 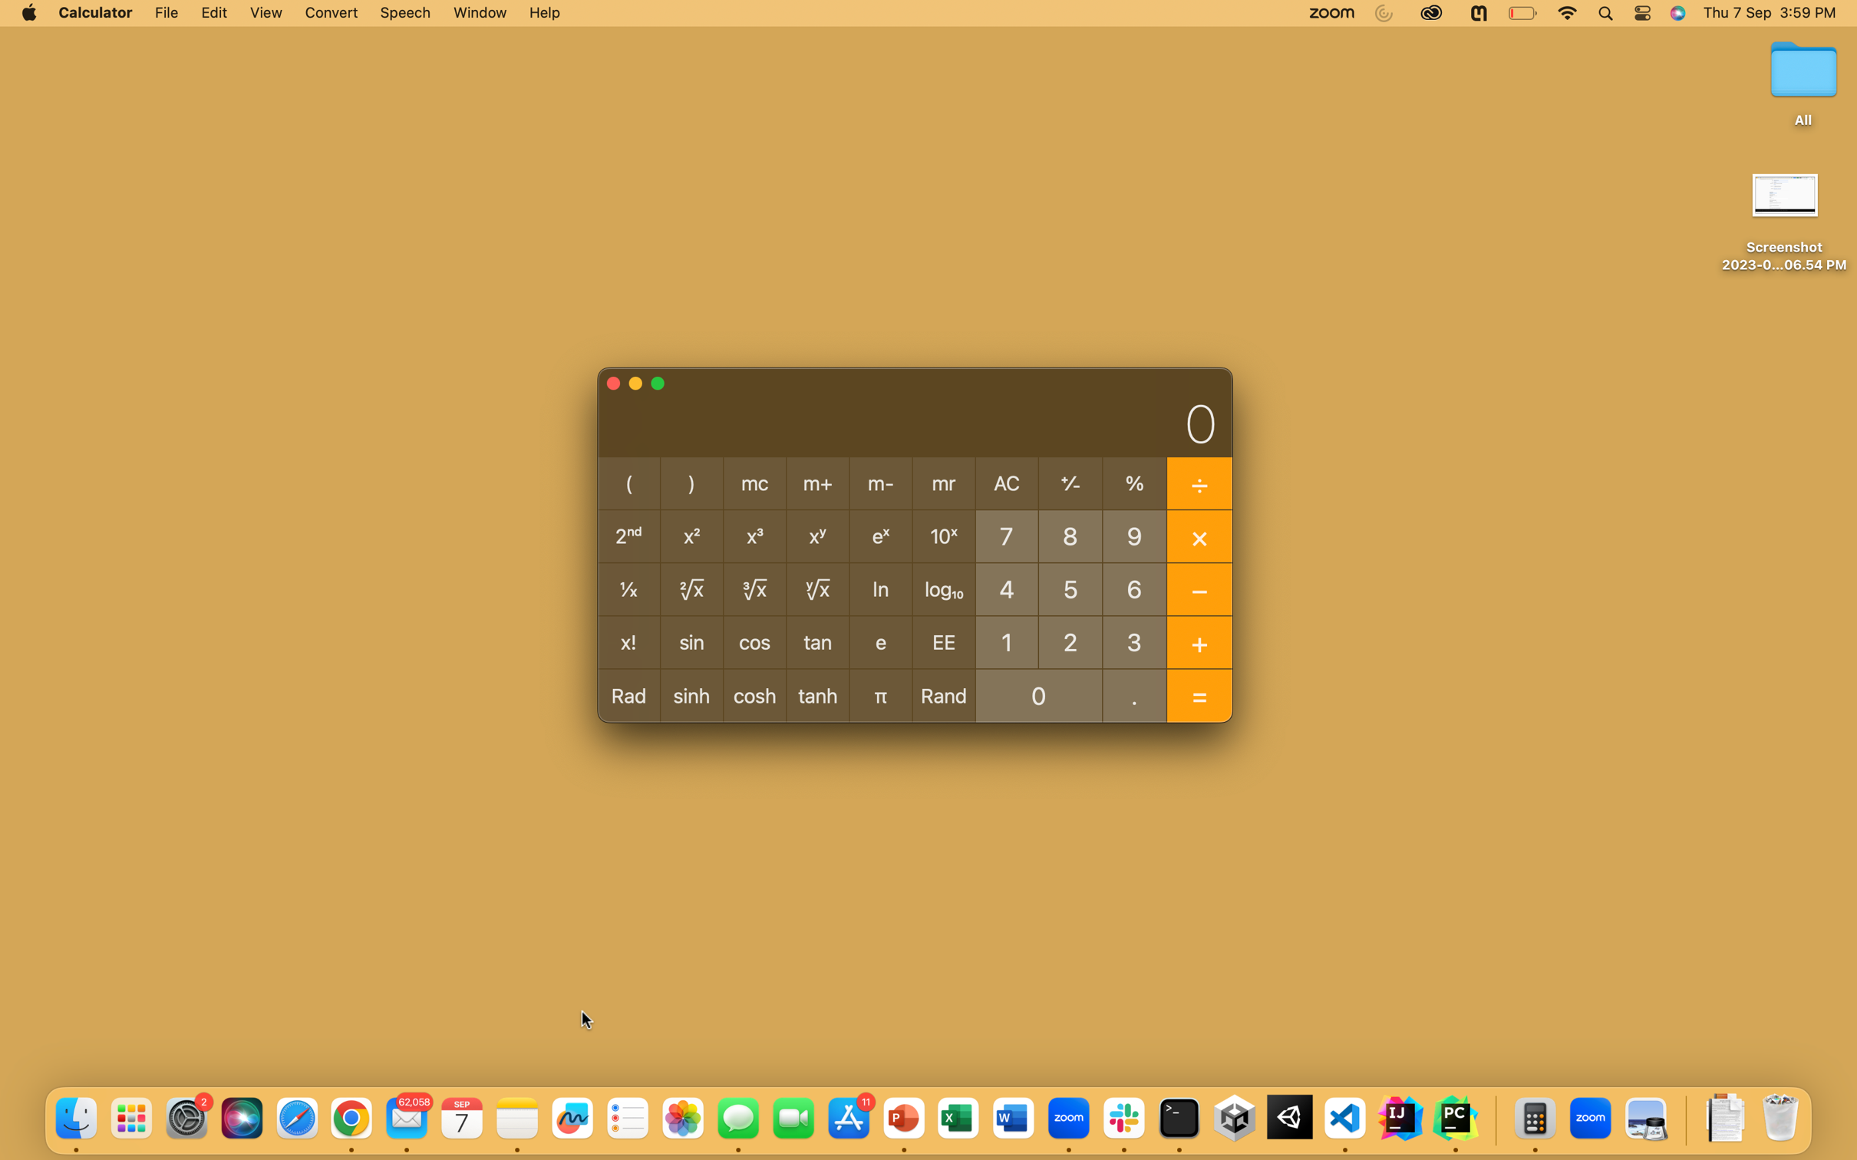 What do you see at coordinates (1006, 641) in the screenshot?
I see `Compute the base 10 logarithm of number 100` at bounding box center [1006, 641].